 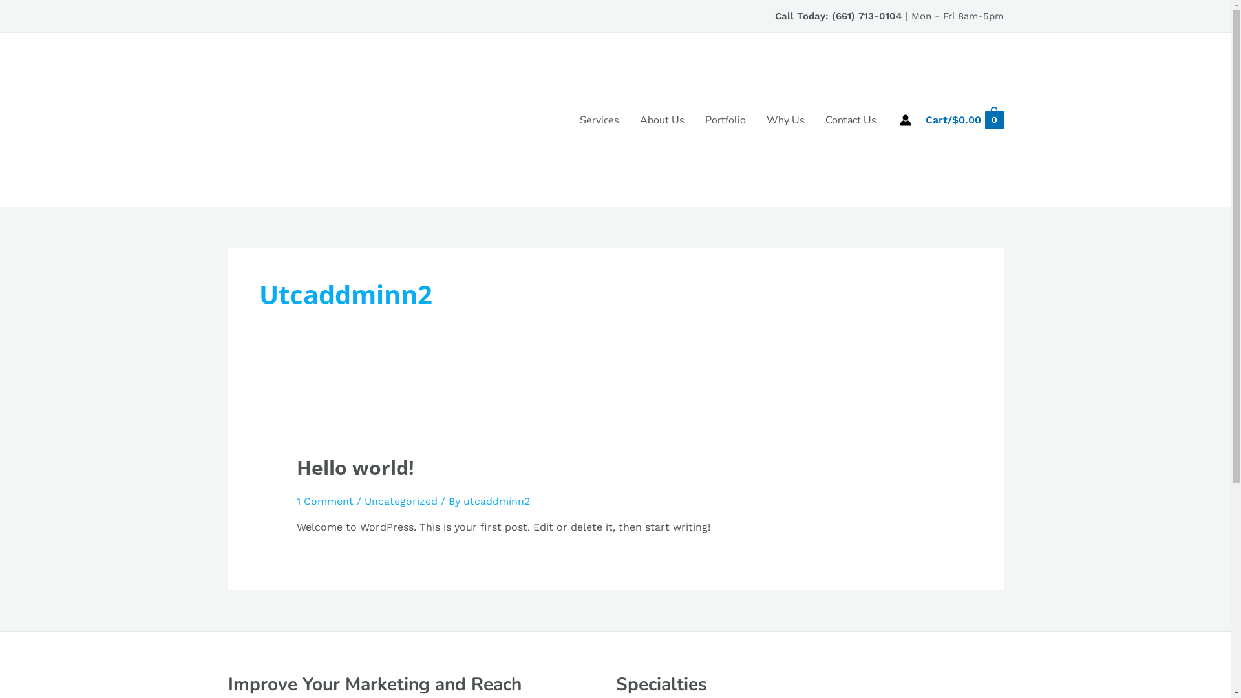 I want to click on 'Why Us', so click(x=756, y=120).